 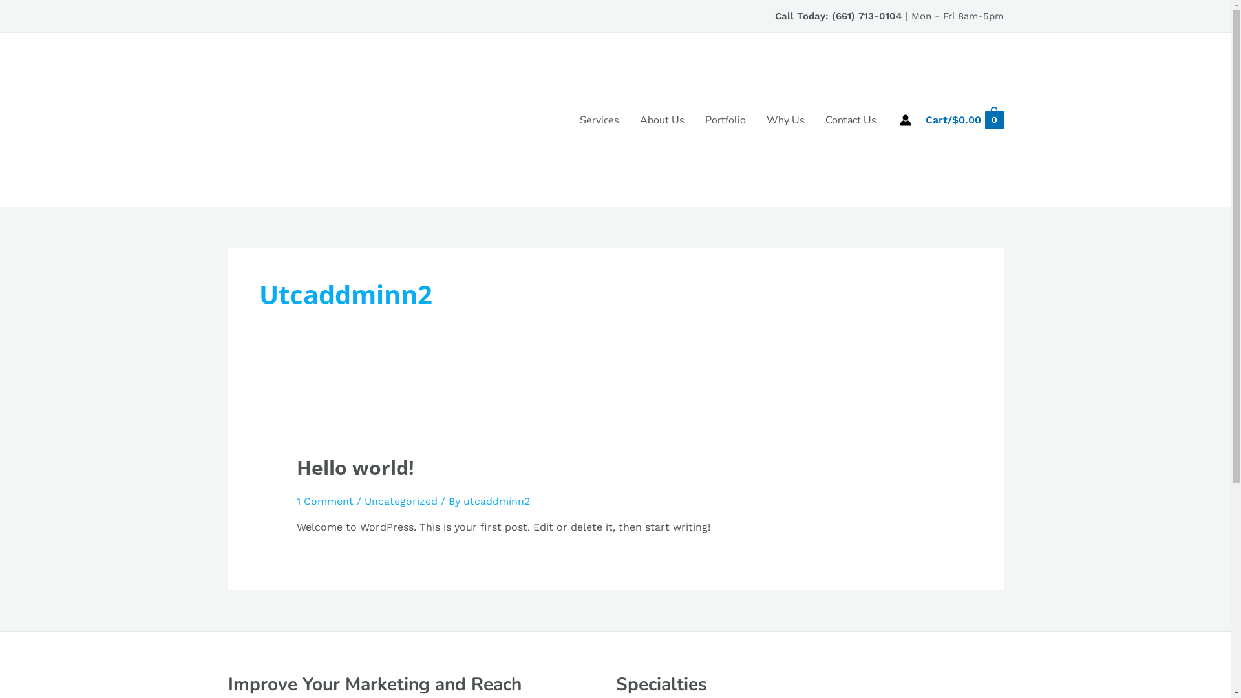 I want to click on 'Why Us', so click(x=756, y=120).